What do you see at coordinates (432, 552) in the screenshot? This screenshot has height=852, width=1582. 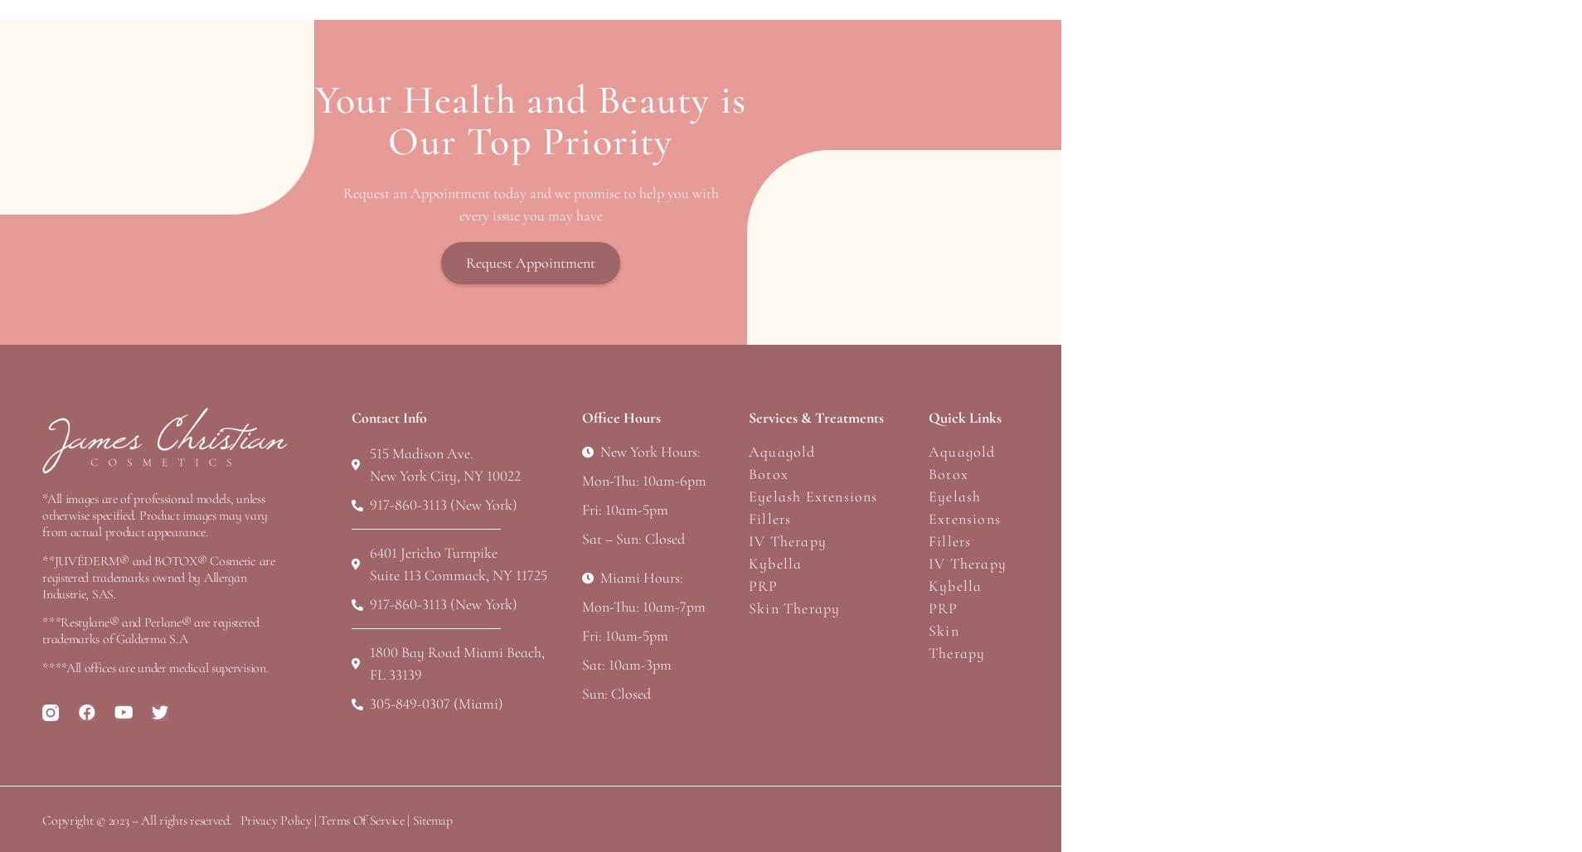 I see `'6401 Jericho Turnpike'` at bounding box center [432, 552].